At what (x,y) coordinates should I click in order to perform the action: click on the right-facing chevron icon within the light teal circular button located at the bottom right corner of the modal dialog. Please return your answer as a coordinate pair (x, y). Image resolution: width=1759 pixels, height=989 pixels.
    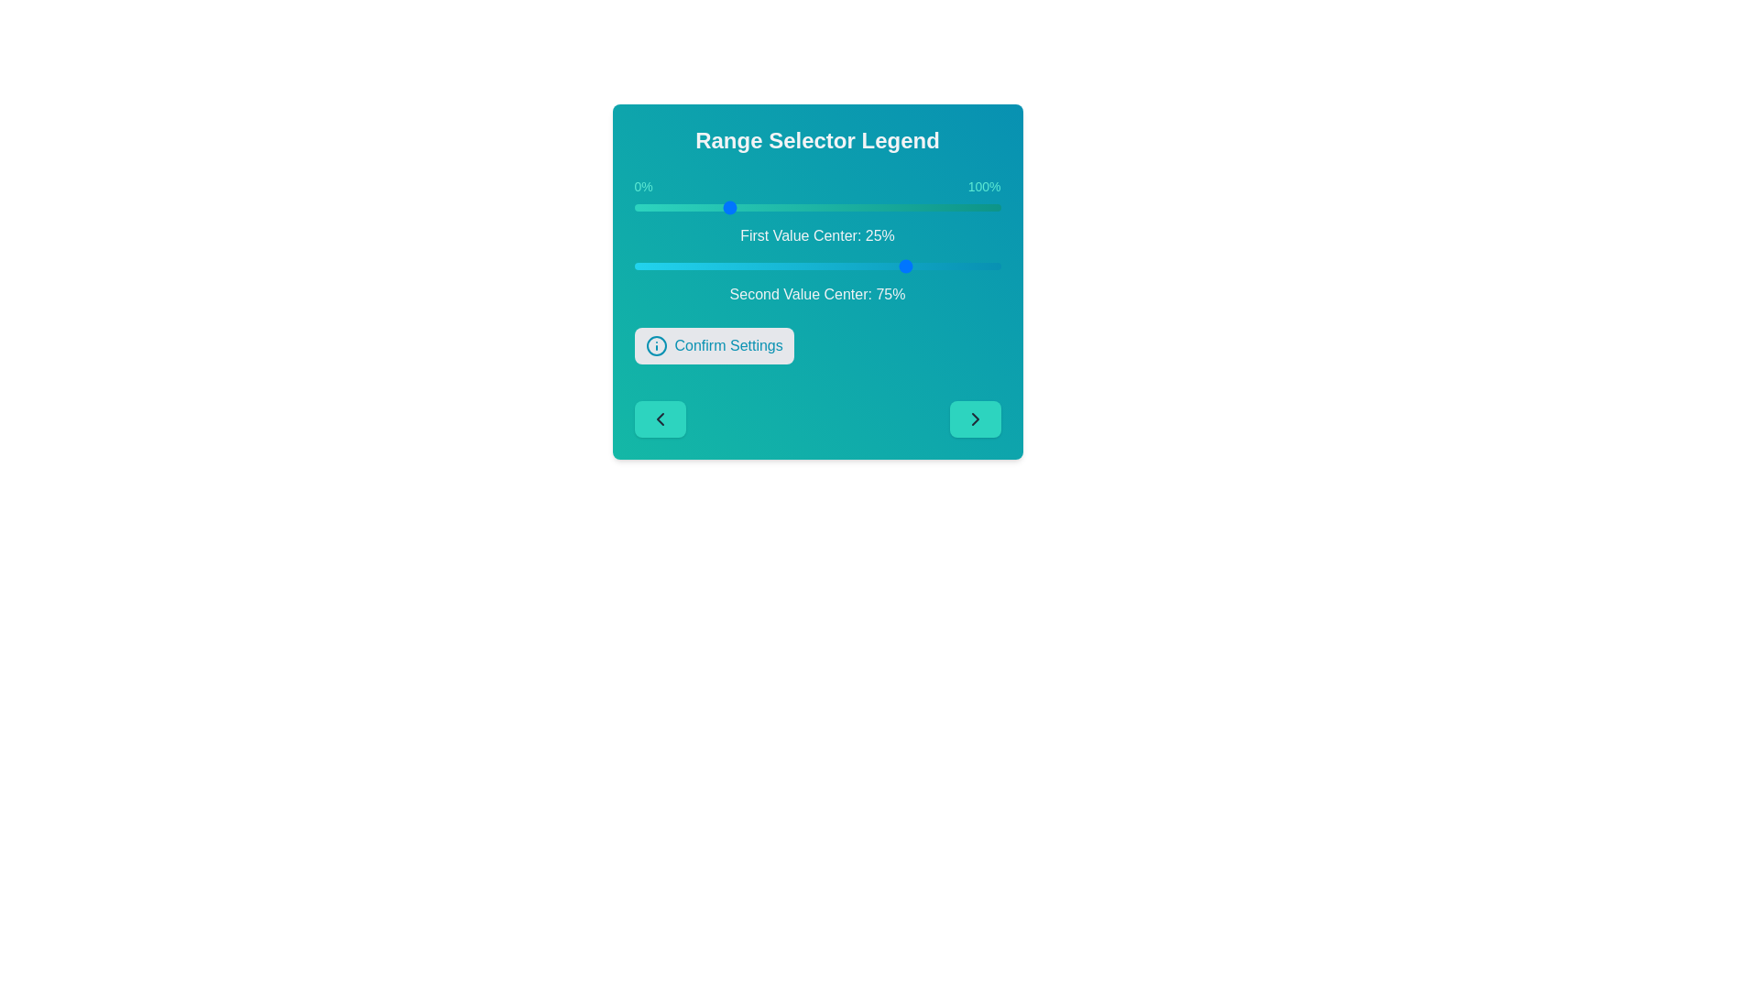
    Looking at the image, I should click on (974, 419).